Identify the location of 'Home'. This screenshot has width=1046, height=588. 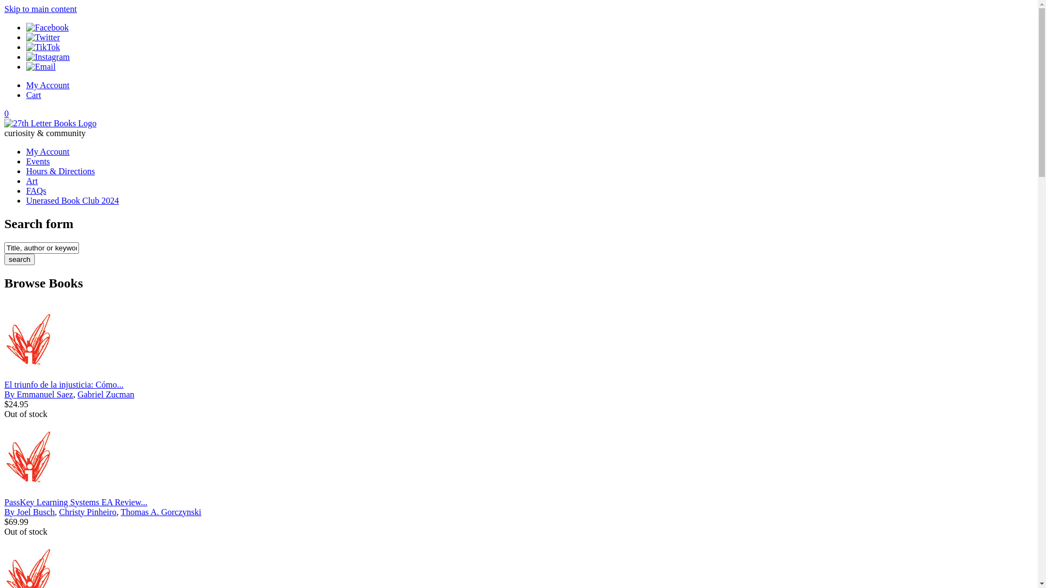
(4, 122).